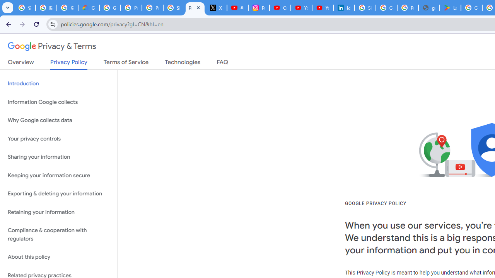 The width and height of the screenshot is (495, 278). What do you see at coordinates (428, 8) in the screenshot?
I see `'google_privacy_policy_en.pdf'` at bounding box center [428, 8].